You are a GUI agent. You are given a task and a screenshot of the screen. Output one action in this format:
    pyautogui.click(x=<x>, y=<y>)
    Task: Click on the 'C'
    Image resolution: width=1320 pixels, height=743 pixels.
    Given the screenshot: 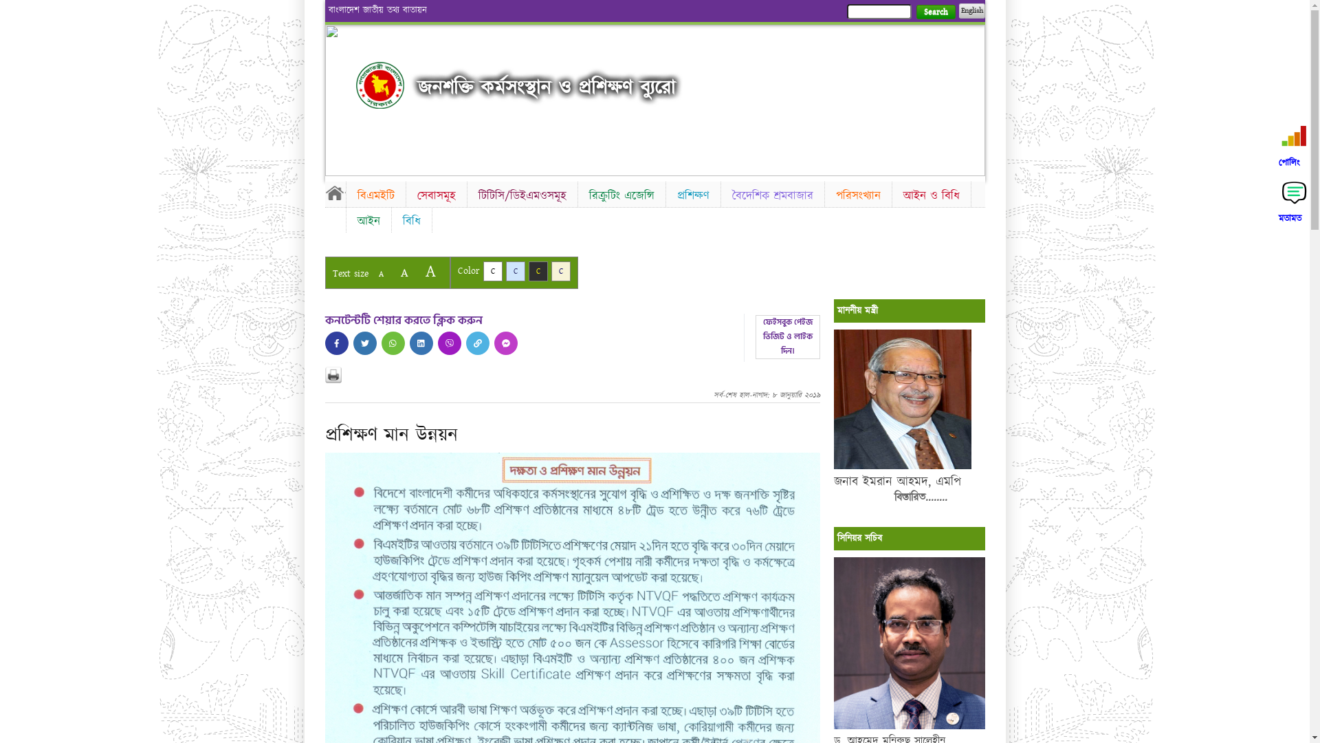 What is the action you would take?
    pyautogui.click(x=492, y=271)
    